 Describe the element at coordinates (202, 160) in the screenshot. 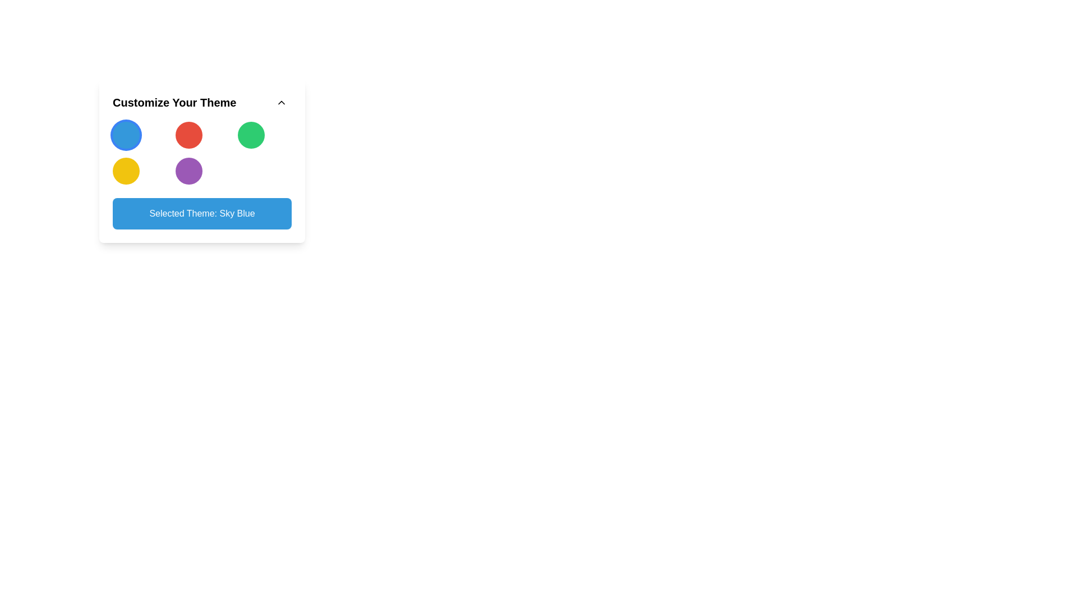

I see `the purple circular button located at the center of the bottom row in the theme customization panel` at that location.